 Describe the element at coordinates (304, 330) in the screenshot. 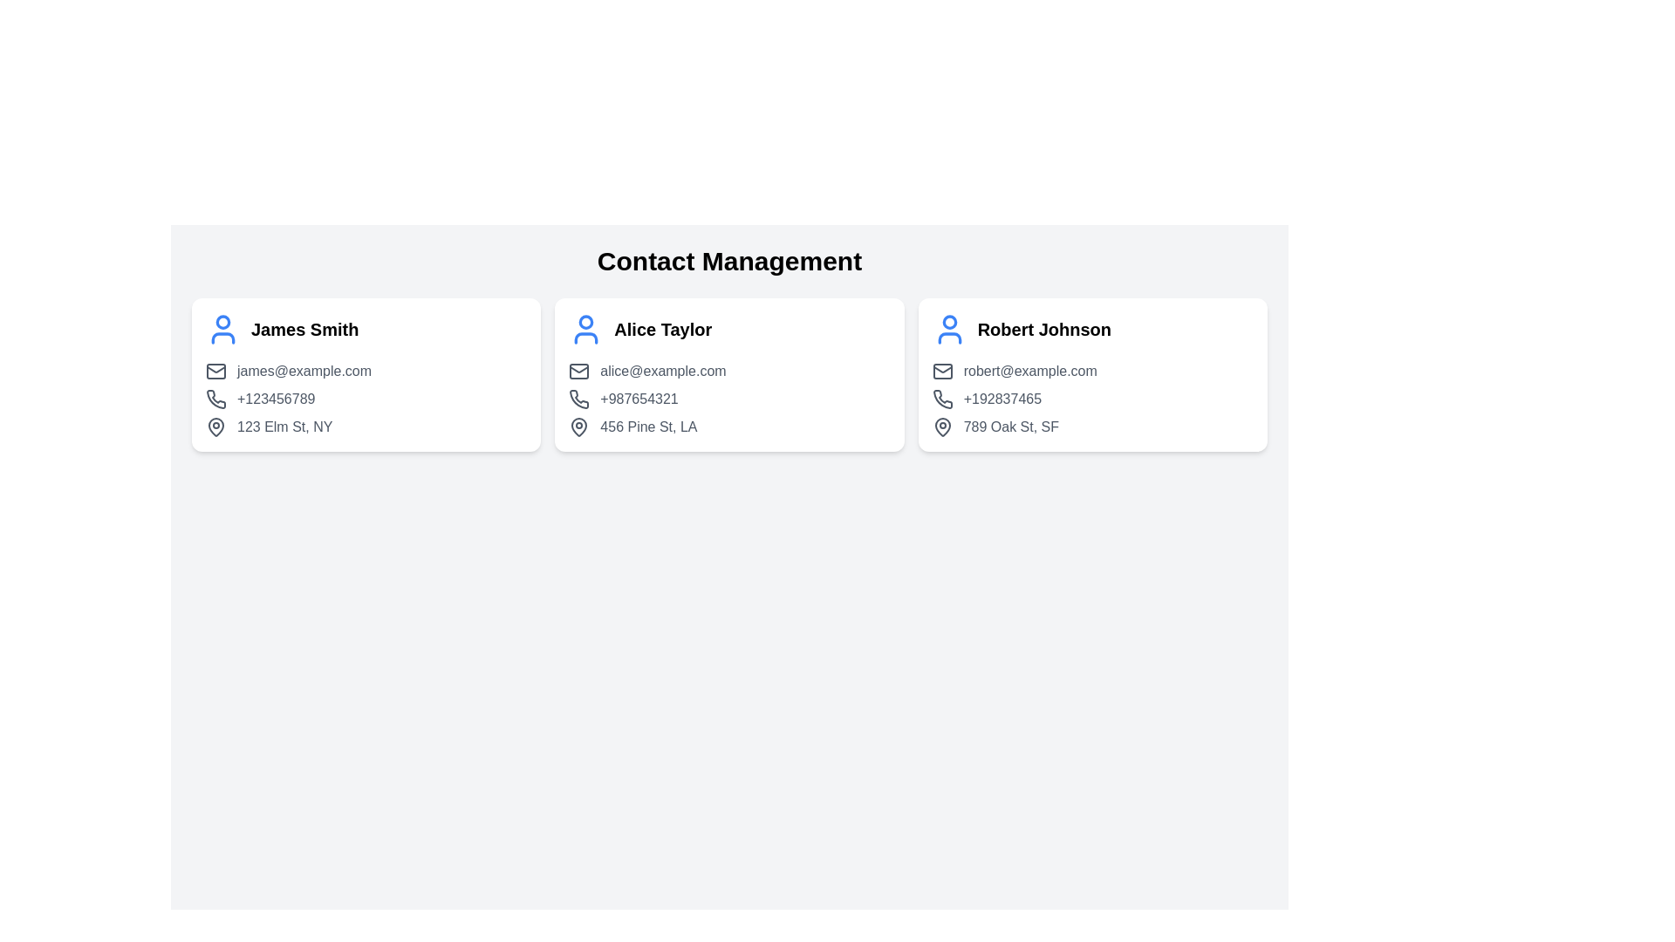

I see `the text label displaying the name 'James Smith', which is prominently located at the top of a contact card layout` at that location.